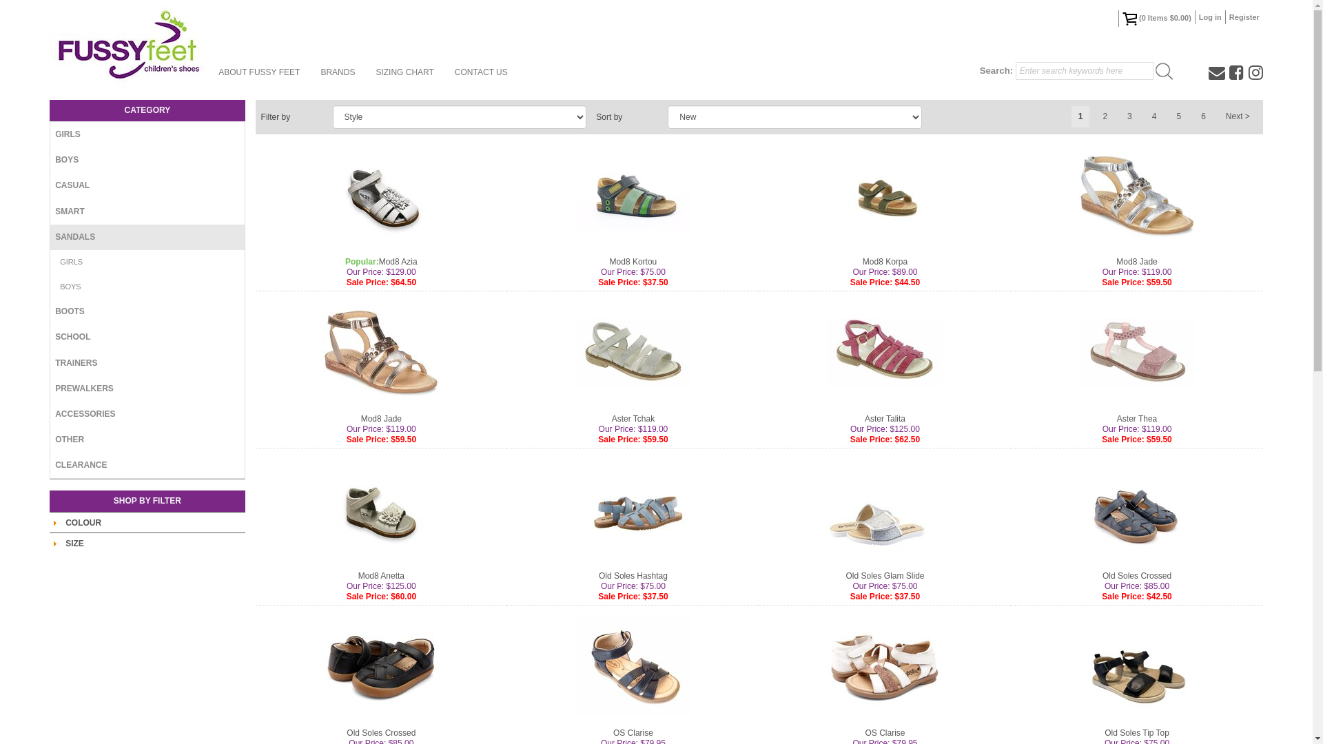 This screenshot has height=744, width=1323. I want to click on 'Mod8 Kortou-sandals-Fussy Feet - Childrens Shoes', so click(632, 196).